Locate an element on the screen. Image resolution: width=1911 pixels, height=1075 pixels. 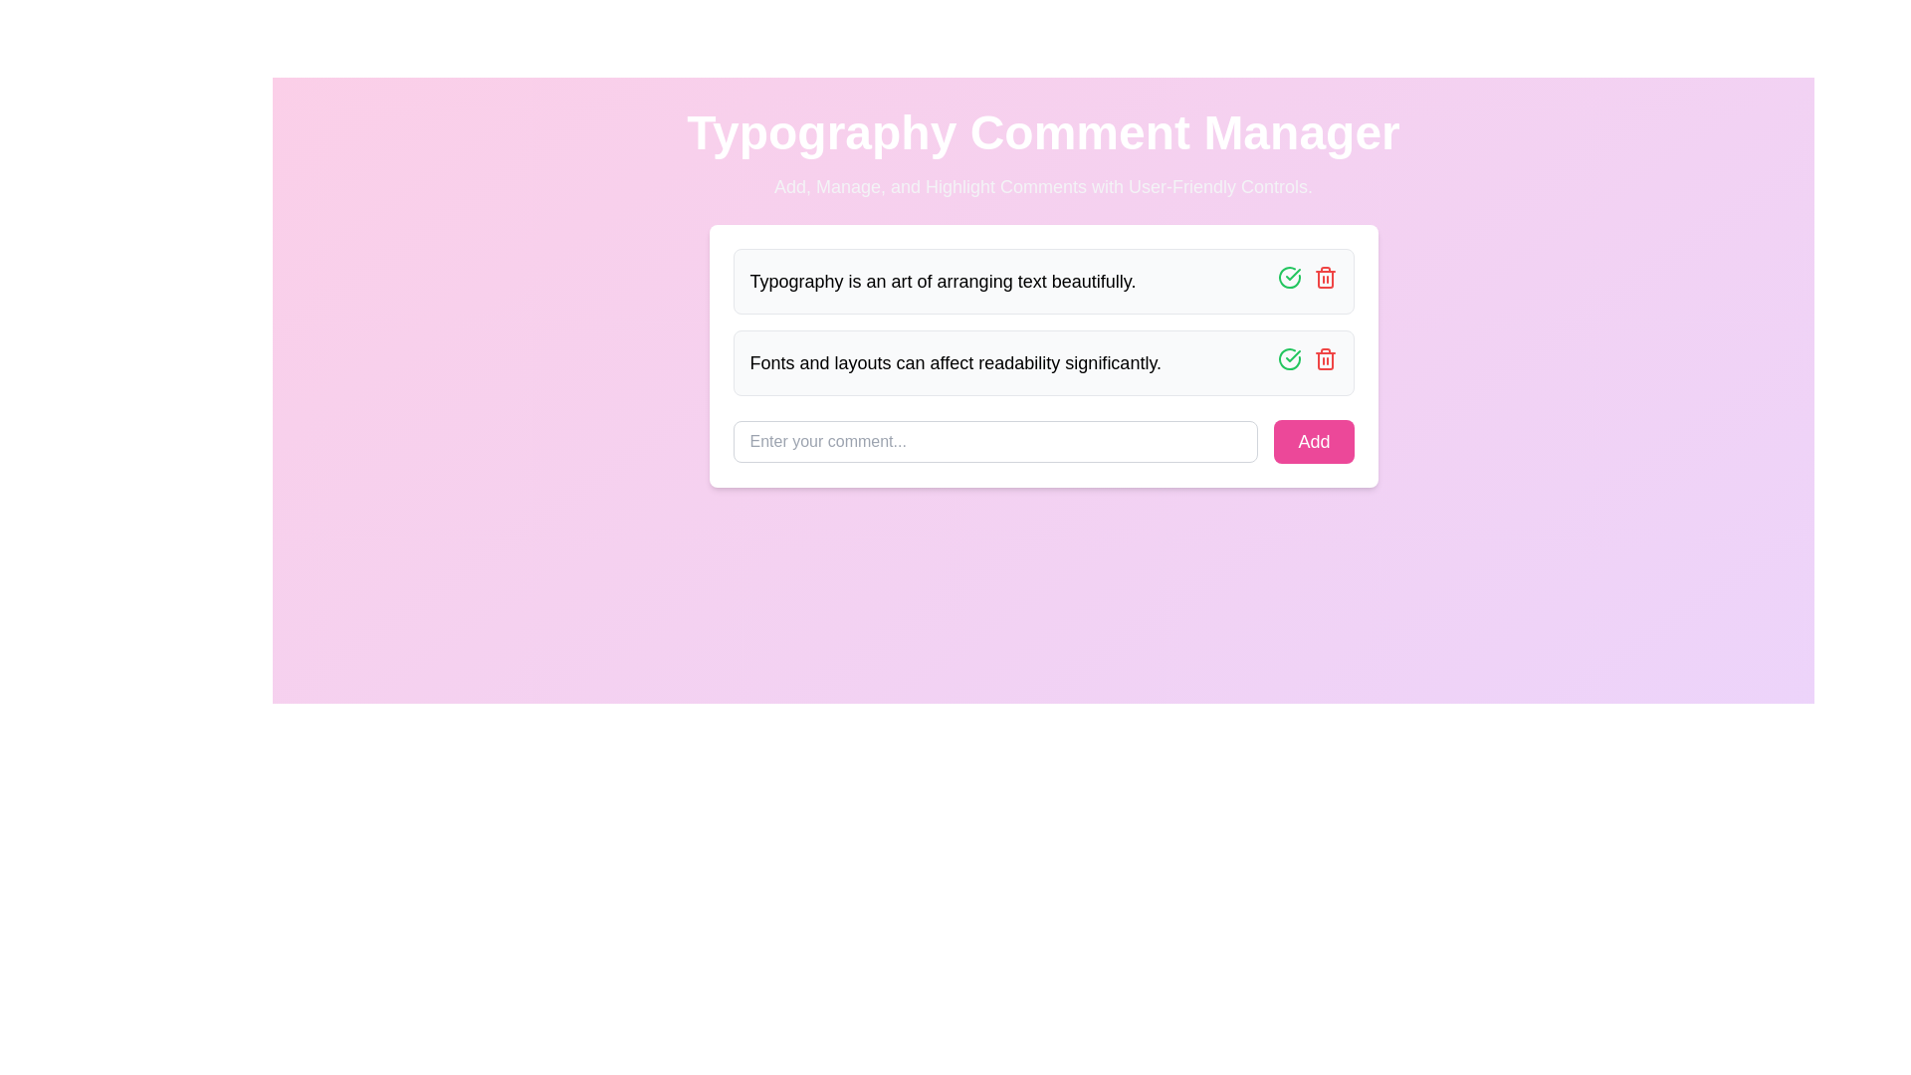
the confirmation icon located in the second comment row, next to the delete icon is located at coordinates (1293, 275).